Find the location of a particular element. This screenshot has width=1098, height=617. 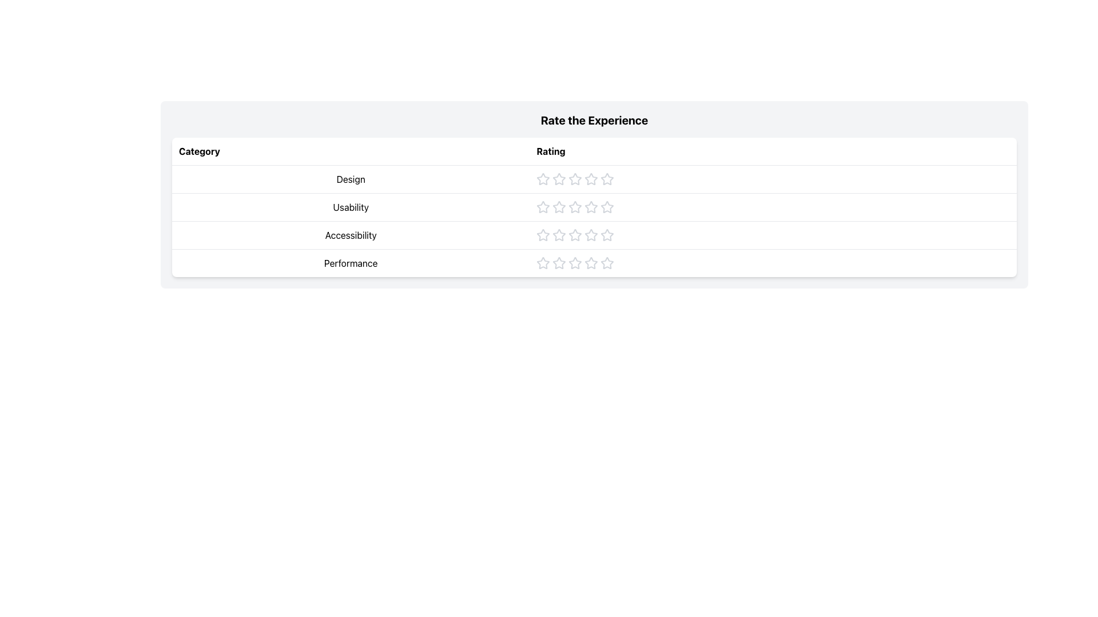

the third star in the 5-star rating system in the 'Design' row to assign a rating is located at coordinates (591, 178).